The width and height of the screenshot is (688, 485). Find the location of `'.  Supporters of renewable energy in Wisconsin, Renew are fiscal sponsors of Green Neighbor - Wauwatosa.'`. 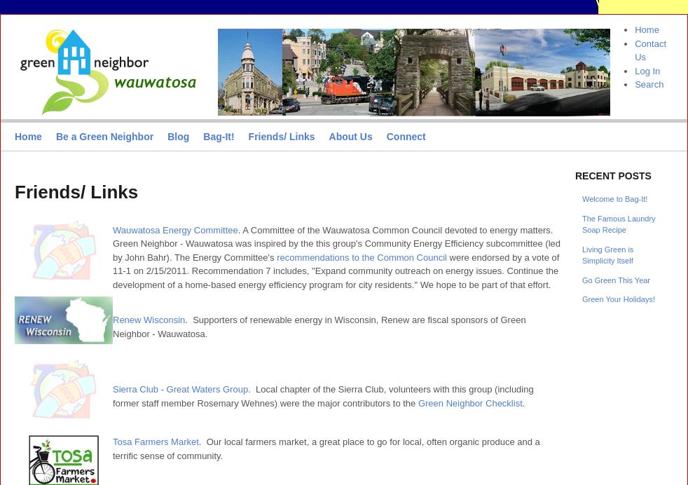

'.  Supporters of renewable energy in Wisconsin, Renew are fiscal sponsors of Green Neighbor - Wauwatosa.' is located at coordinates (319, 326).